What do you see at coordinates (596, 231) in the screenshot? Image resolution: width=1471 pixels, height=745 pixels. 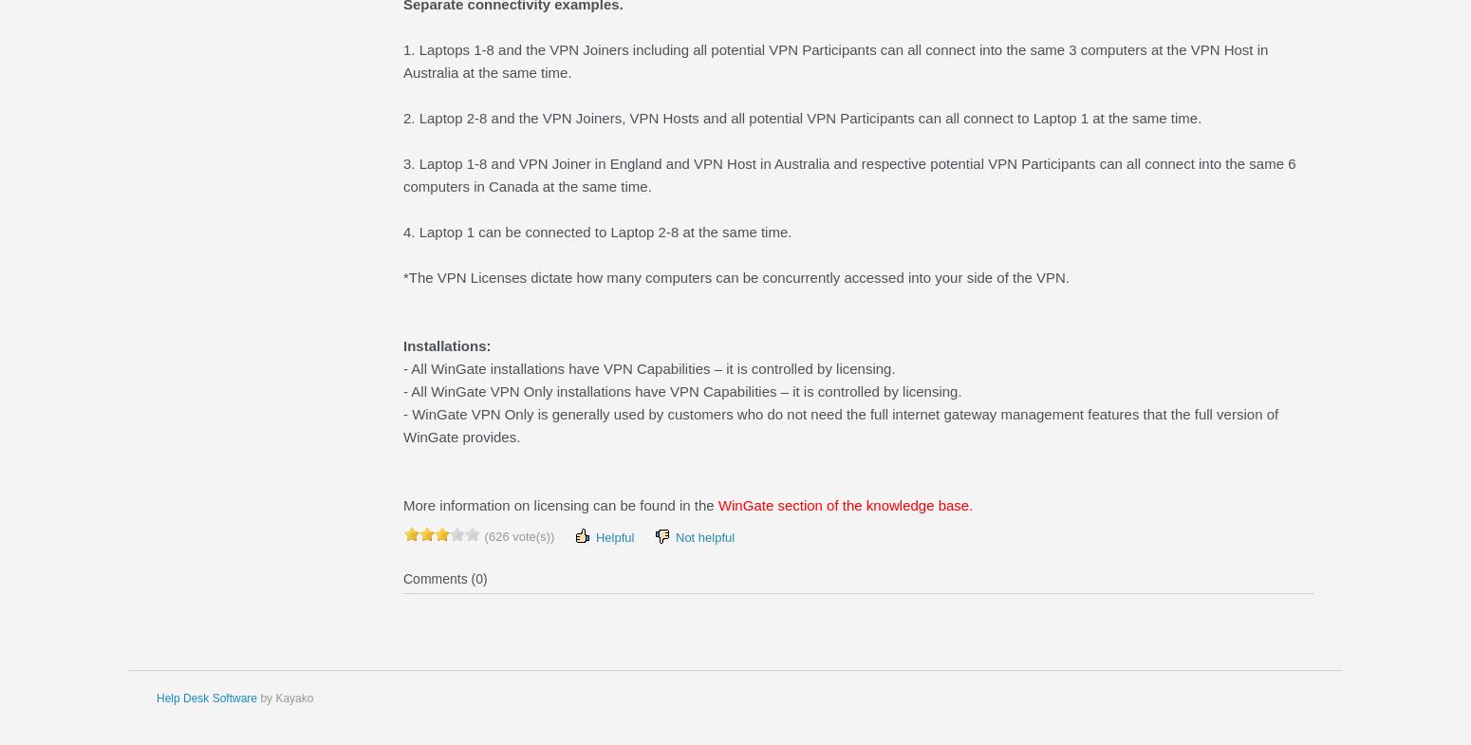 I see `'4. Laptop 1 can be connected to Laptop 2-8 at the same time.'` at bounding box center [596, 231].